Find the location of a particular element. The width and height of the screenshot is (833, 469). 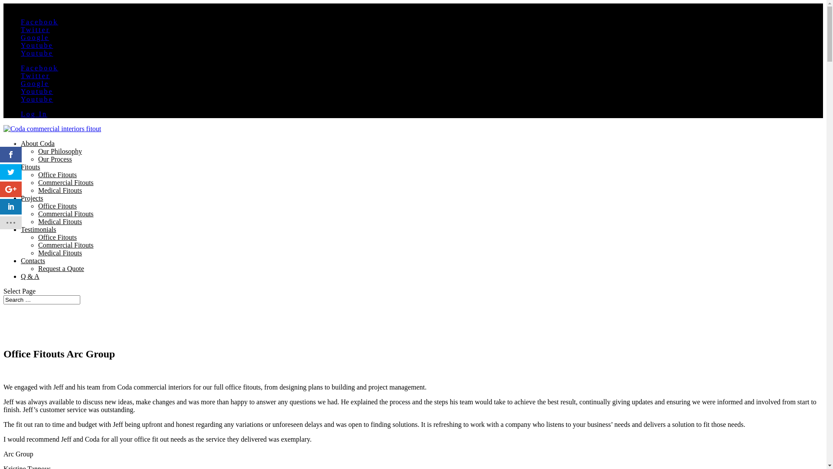

'Q & A' is located at coordinates (30, 276).